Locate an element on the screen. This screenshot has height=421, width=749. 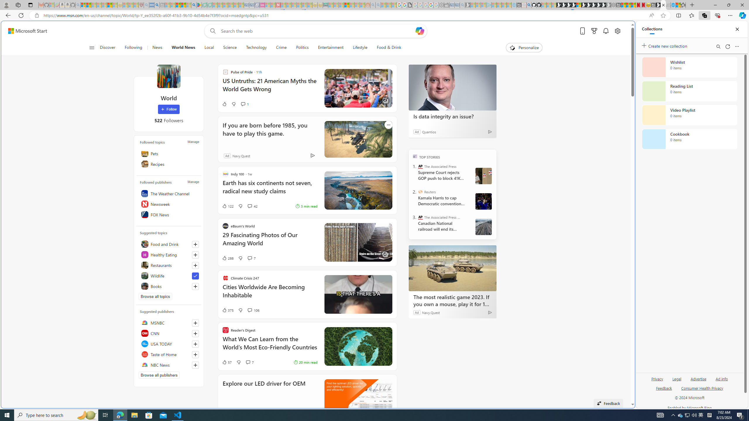
'Healthy Eating' is located at coordinates (168, 254).